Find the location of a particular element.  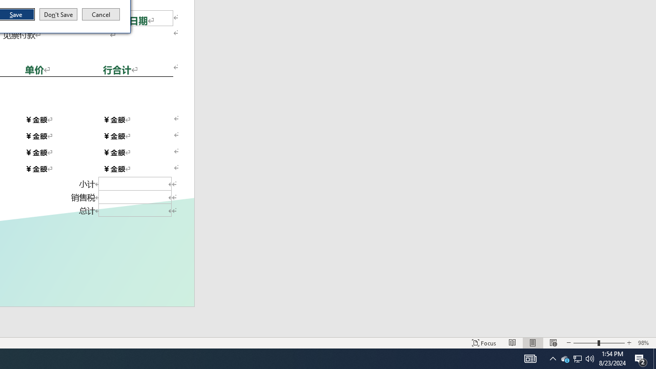

'Cancel' is located at coordinates (101, 14).